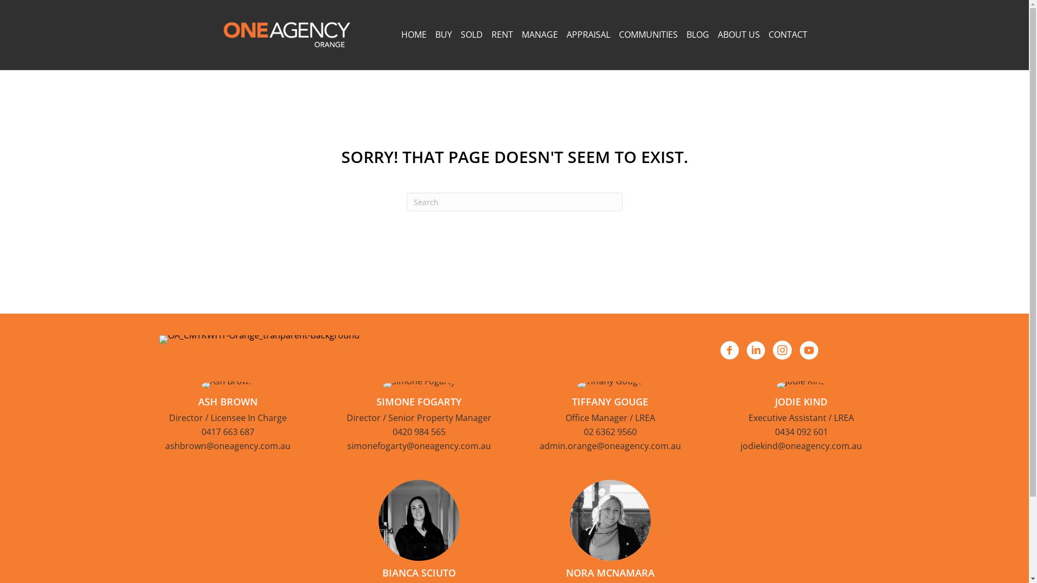 Image resolution: width=1037 pixels, height=583 pixels. I want to click on 'jodie-kind', so click(776, 384).